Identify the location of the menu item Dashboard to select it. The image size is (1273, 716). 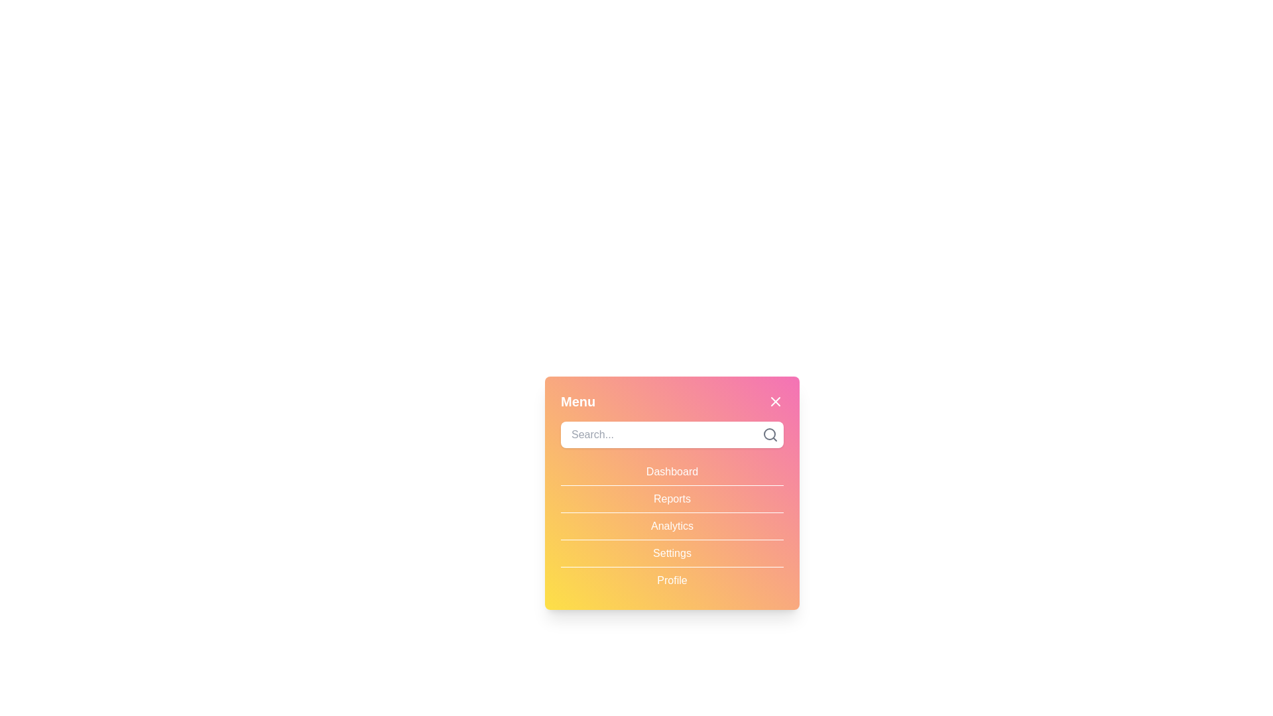
(672, 471).